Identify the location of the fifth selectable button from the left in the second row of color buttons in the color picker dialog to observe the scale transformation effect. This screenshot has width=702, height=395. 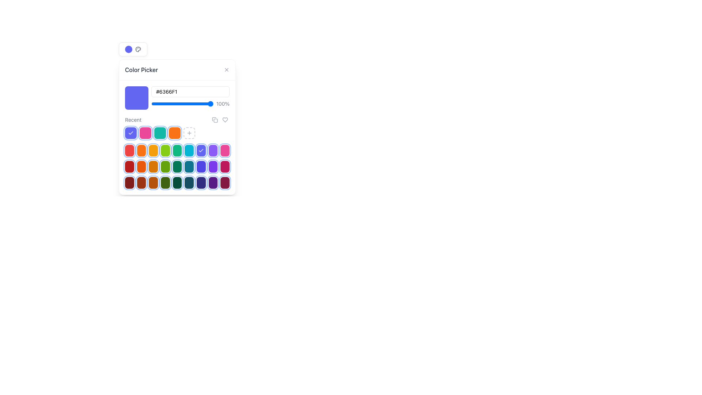
(177, 150).